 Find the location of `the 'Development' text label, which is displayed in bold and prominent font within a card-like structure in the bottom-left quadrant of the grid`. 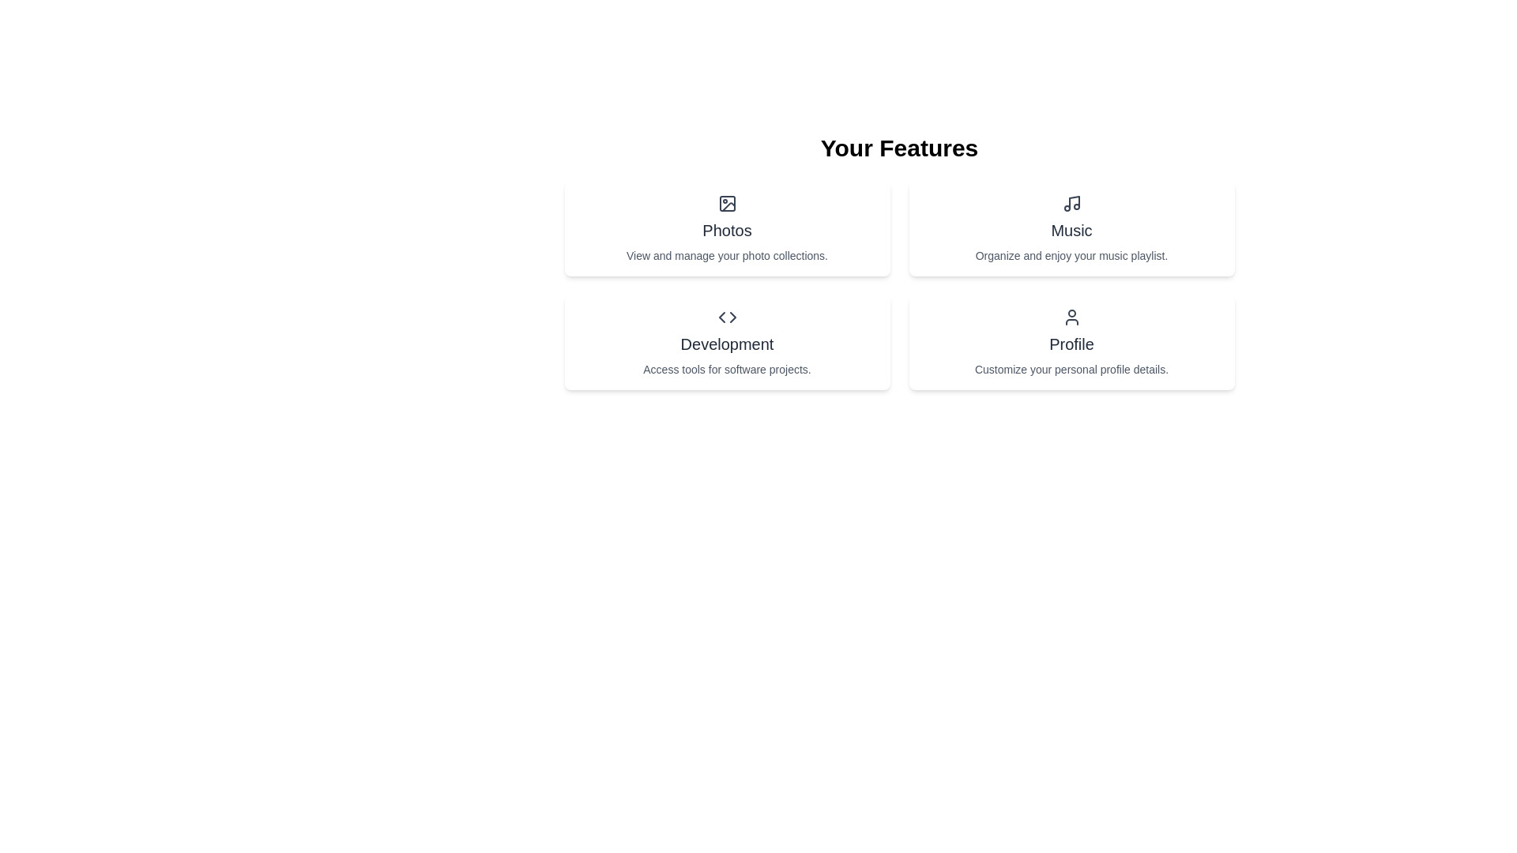

the 'Development' text label, which is displayed in bold and prominent font within a card-like structure in the bottom-left quadrant of the grid is located at coordinates (726, 343).